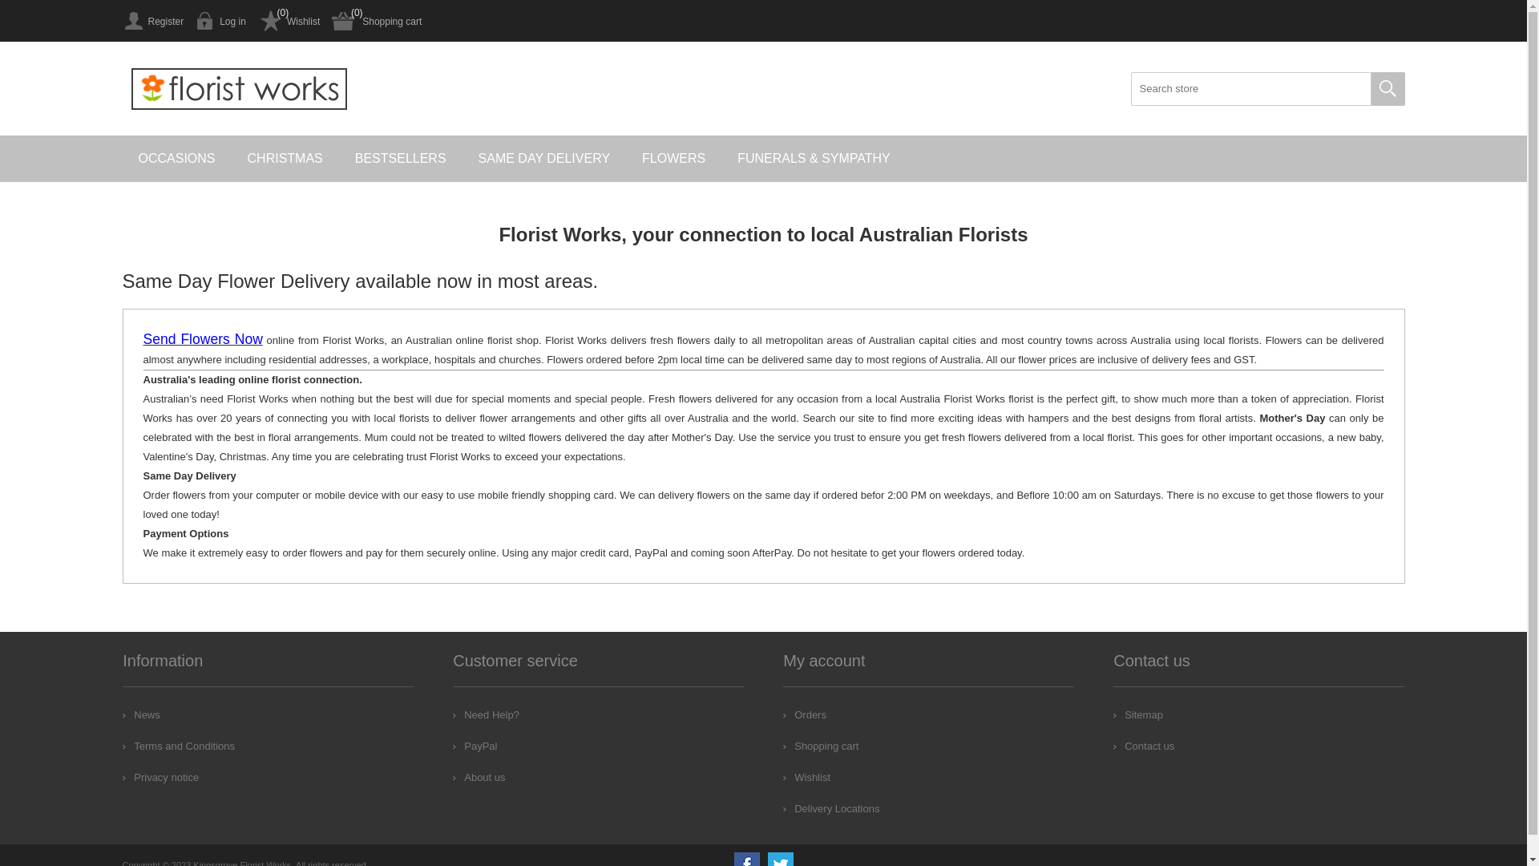 The image size is (1539, 866). I want to click on 'Delivery Locations', so click(783, 808).